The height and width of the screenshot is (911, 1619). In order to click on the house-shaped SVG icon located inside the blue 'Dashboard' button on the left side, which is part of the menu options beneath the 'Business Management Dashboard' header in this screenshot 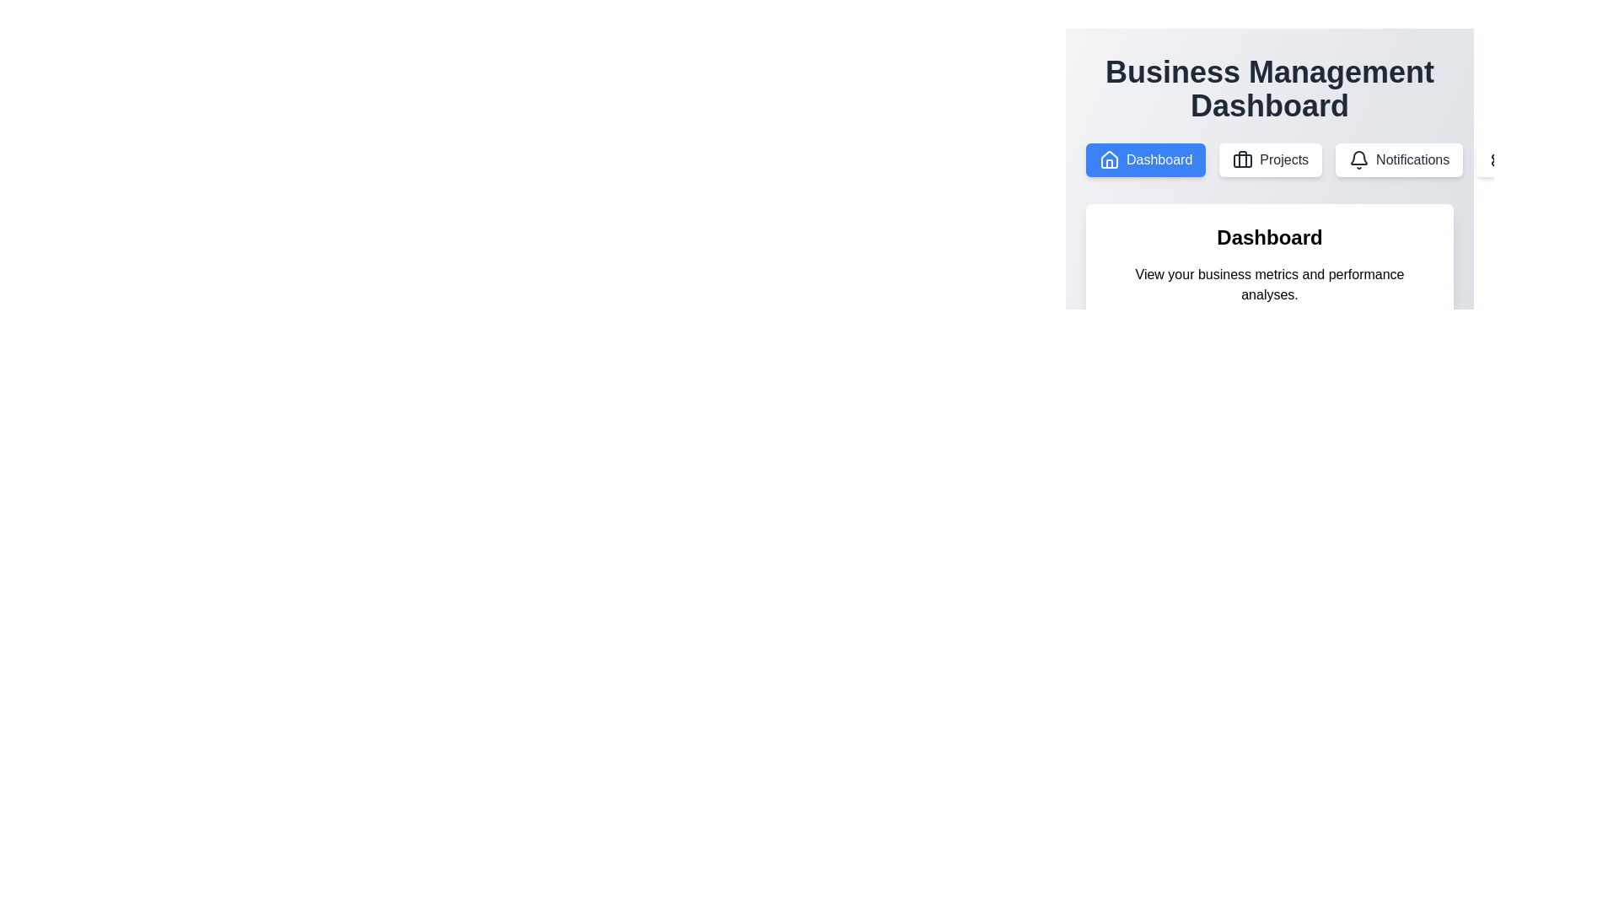, I will do `click(1109, 159)`.